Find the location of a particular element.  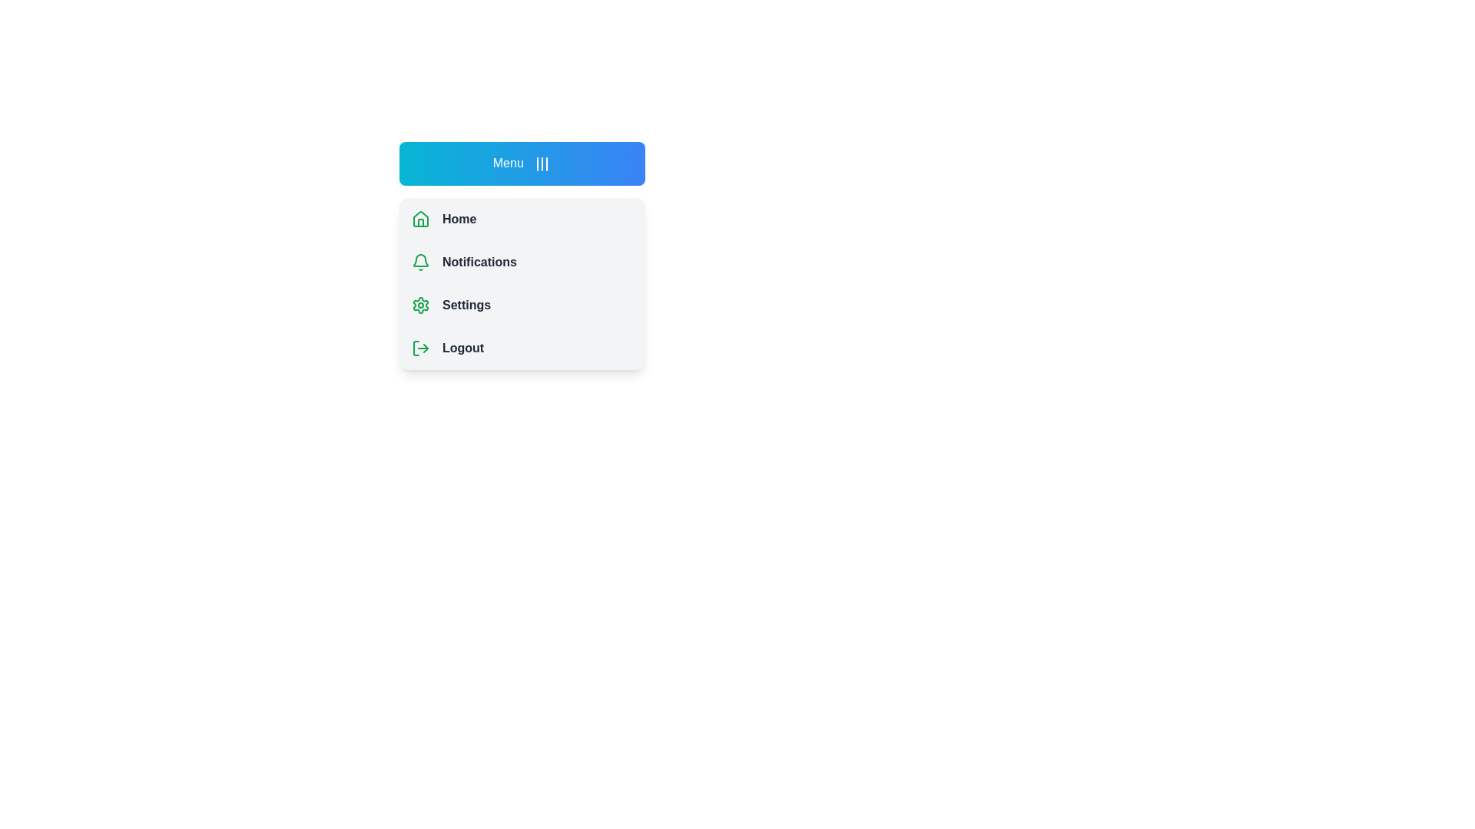

the menu item Settings to select it is located at coordinates (522, 305).